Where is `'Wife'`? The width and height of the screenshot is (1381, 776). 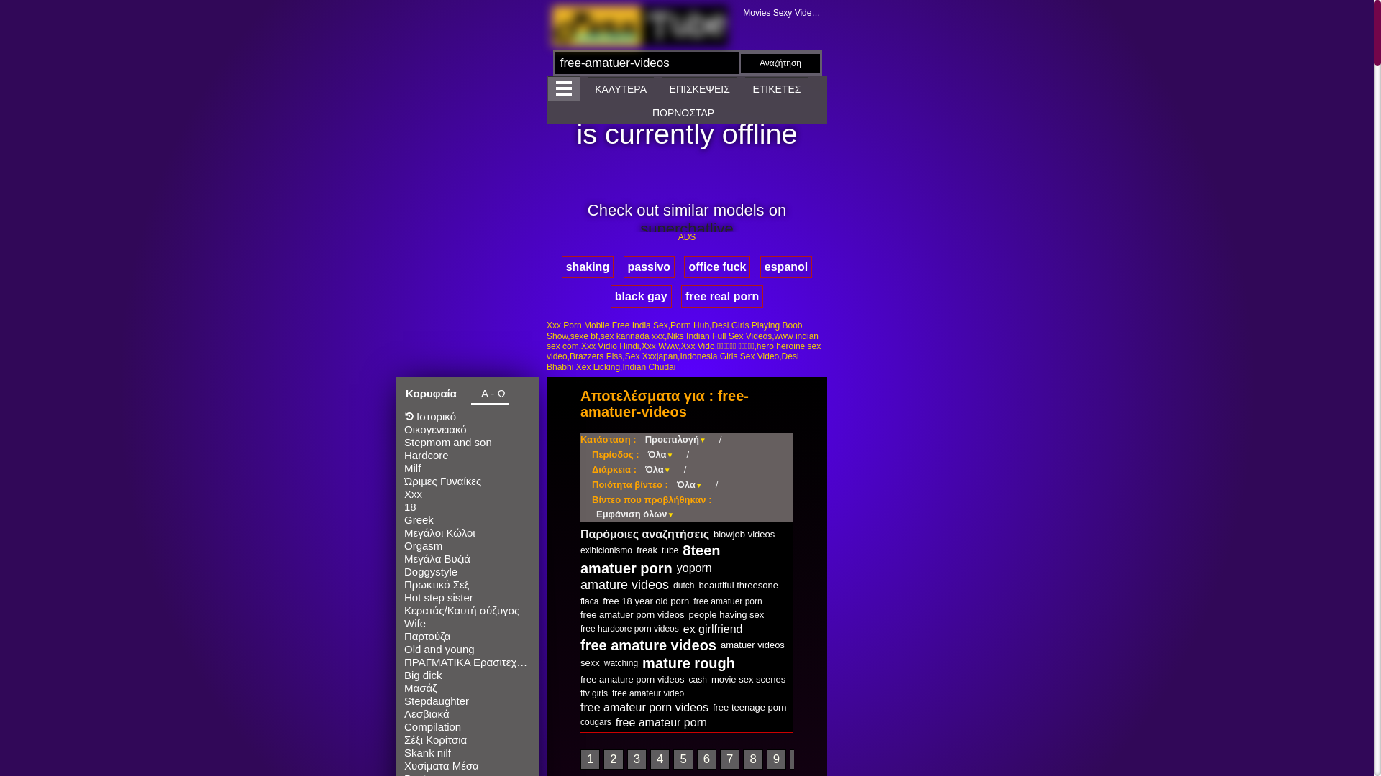 'Wife' is located at coordinates (467, 622).